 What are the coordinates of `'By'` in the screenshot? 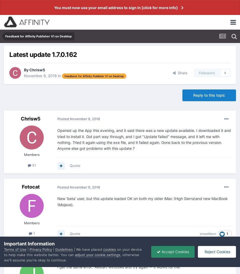 It's located at (24, 69).